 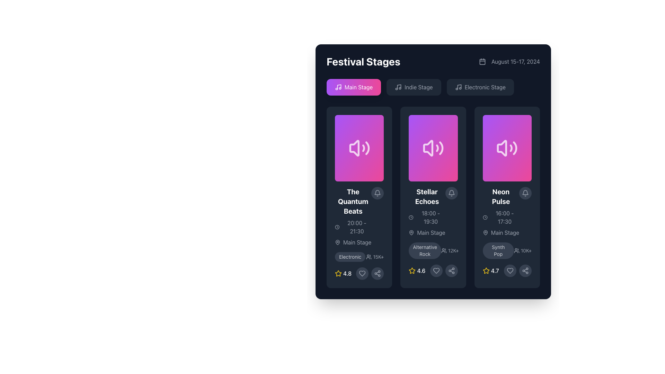 I want to click on the bell-shaped notification icon located in the bottom right section of the 'Neon Pulse' card, styled for dark mode, so click(x=525, y=193).